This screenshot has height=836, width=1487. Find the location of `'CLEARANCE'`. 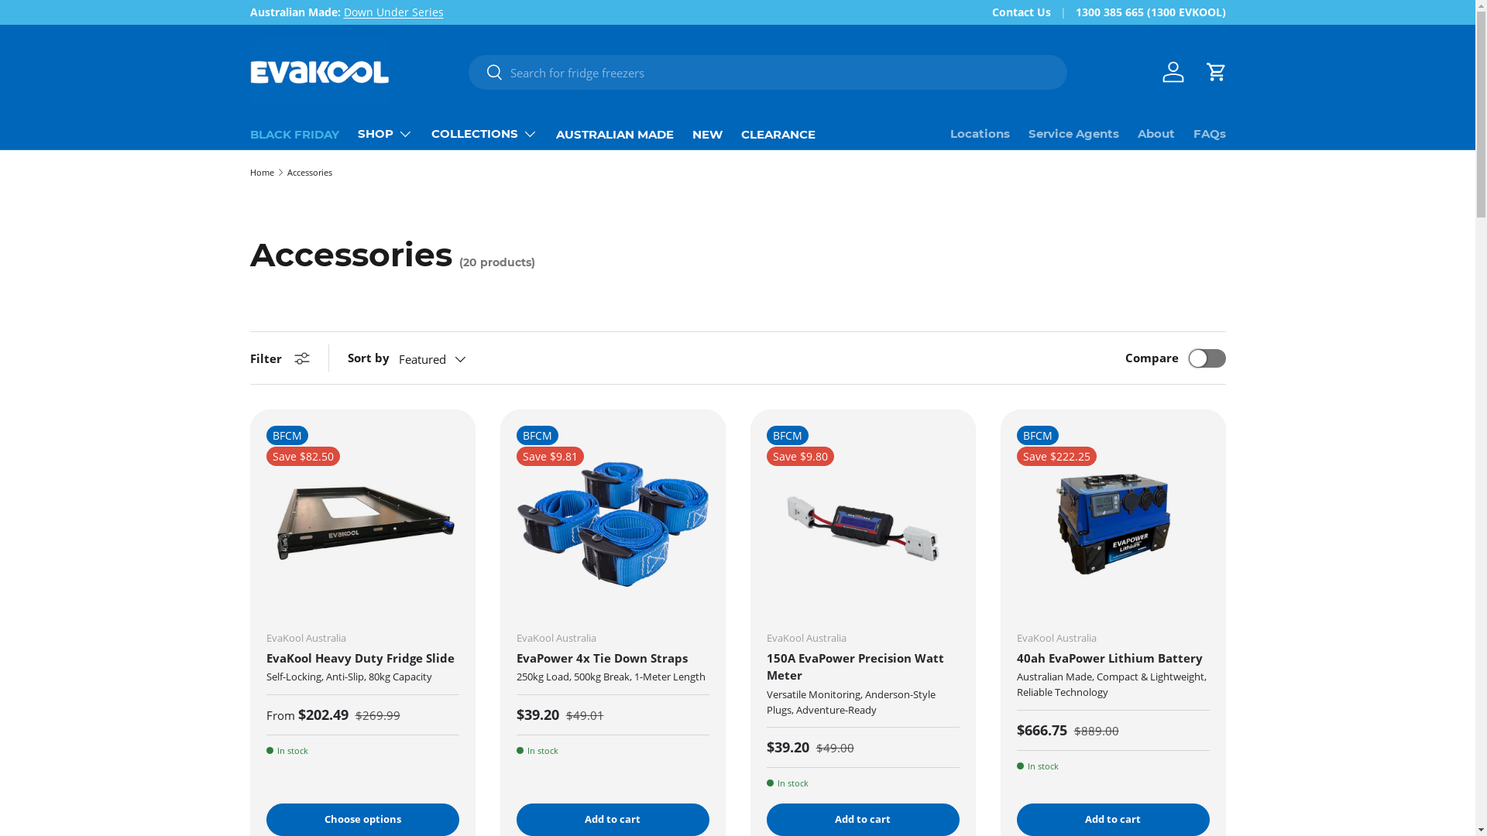

'CLEARANCE' is located at coordinates (739, 133).